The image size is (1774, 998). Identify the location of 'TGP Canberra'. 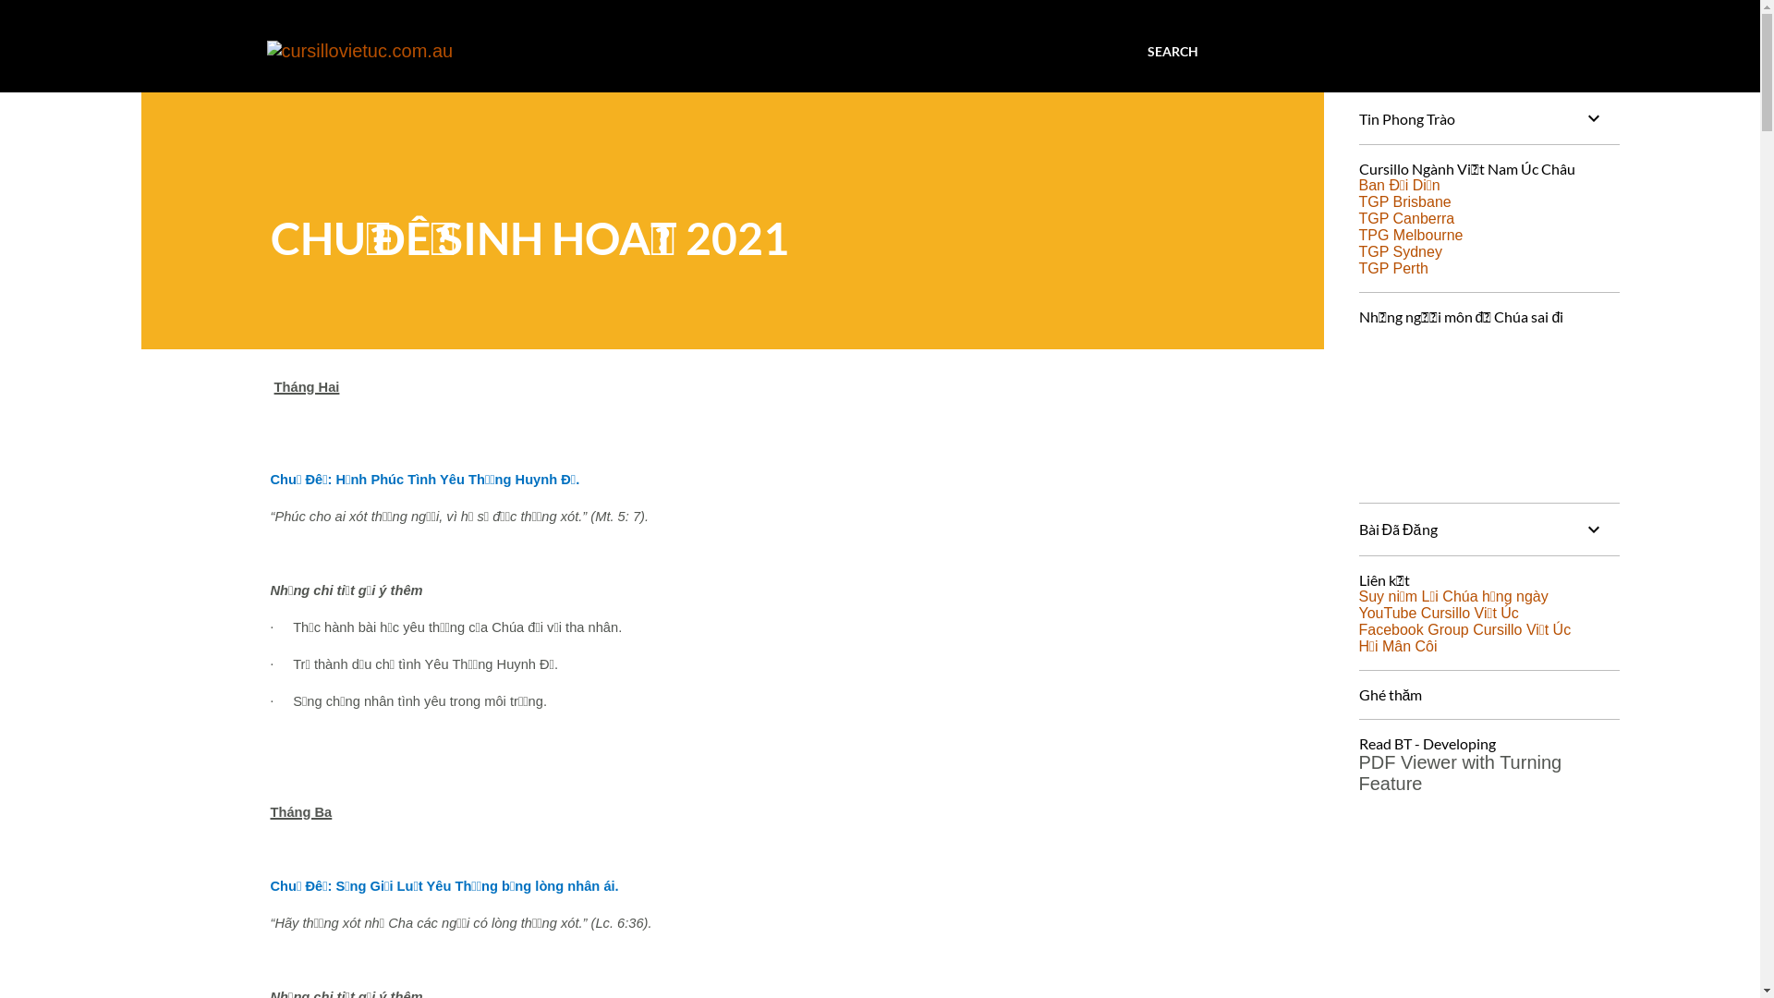
(1404, 217).